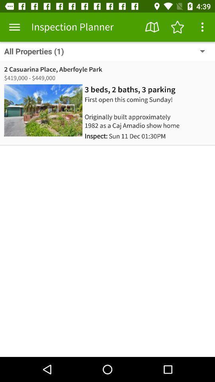 The width and height of the screenshot is (215, 382). What do you see at coordinates (177, 27) in the screenshot?
I see `the icon above the all properties (1)` at bounding box center [177, 27].